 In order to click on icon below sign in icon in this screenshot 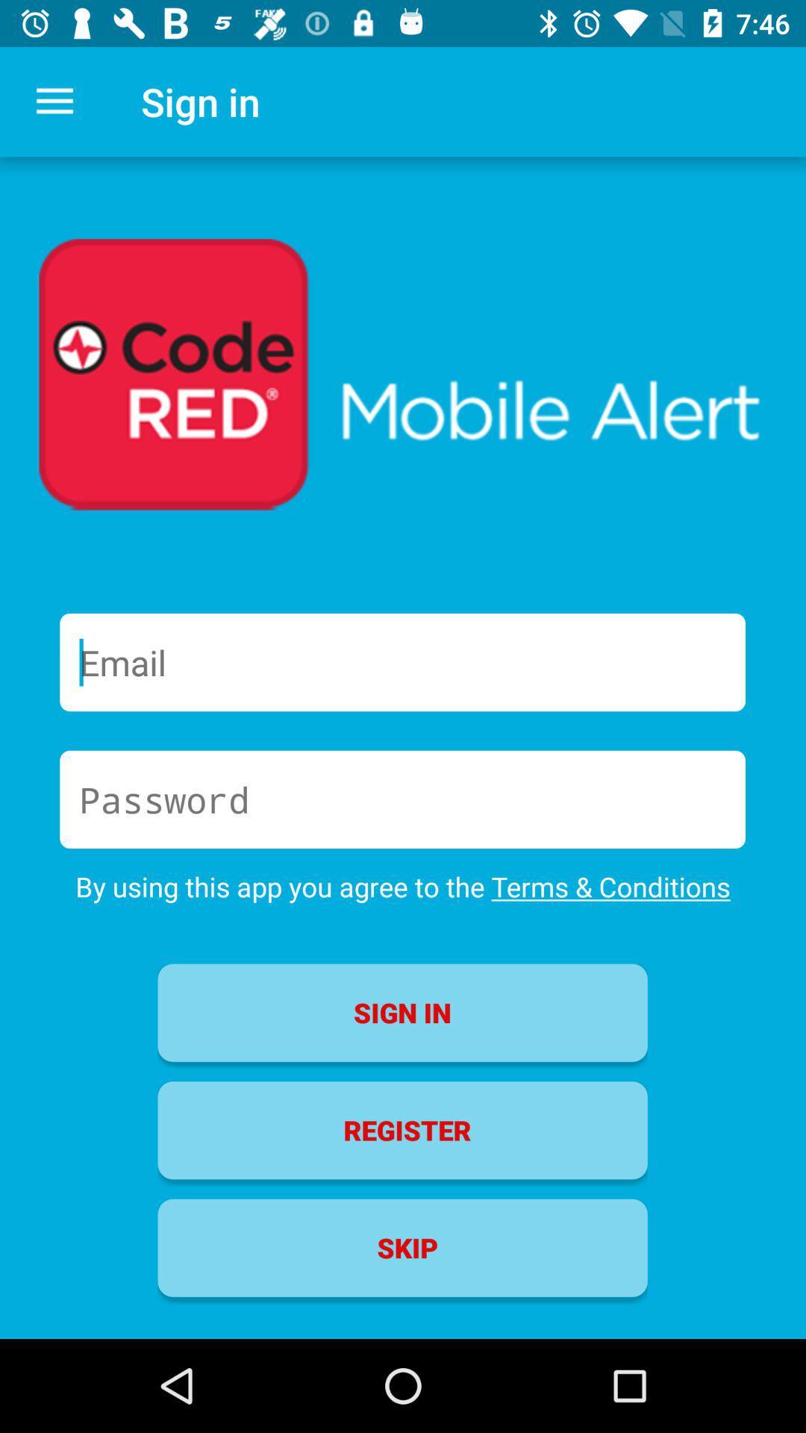, I will do `click(402, 1130)`.